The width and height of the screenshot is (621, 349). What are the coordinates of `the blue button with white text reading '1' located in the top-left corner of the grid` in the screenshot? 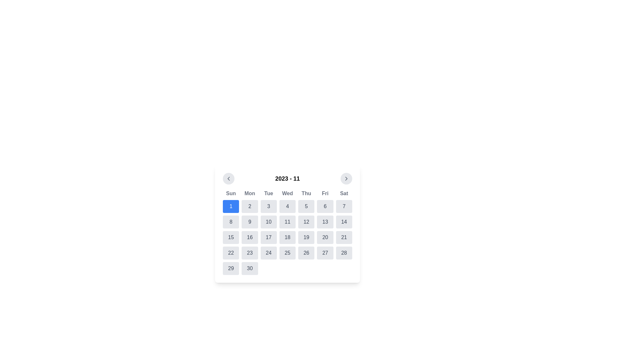 It's located at (231, 206).